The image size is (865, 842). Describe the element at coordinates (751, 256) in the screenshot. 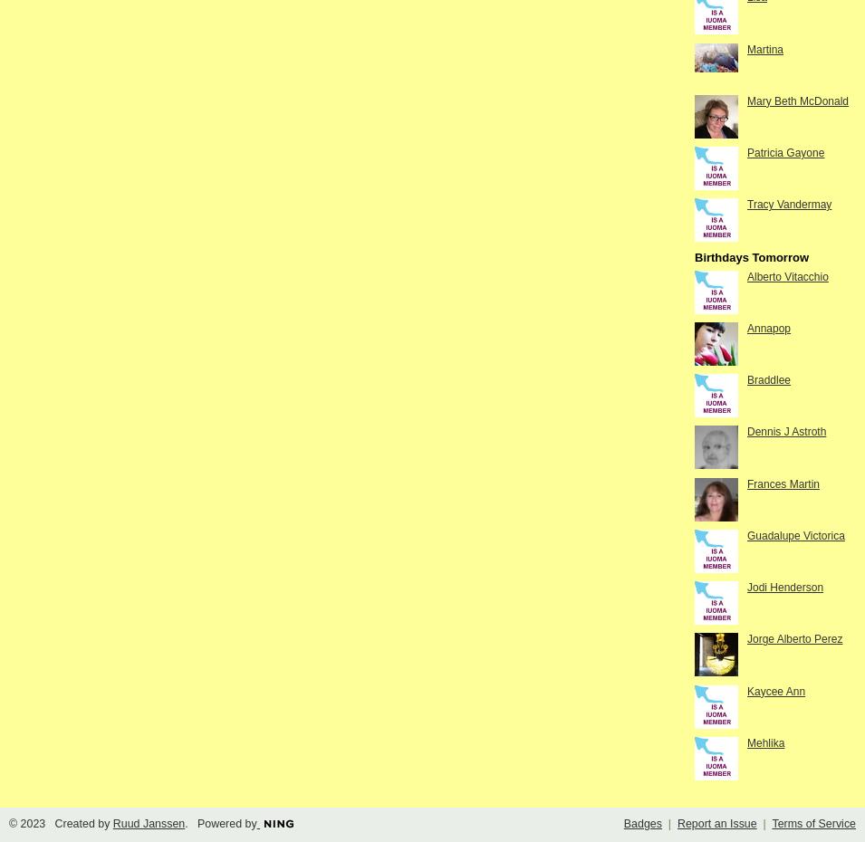

I see `'Birthdays Tomorrow'` at that location.